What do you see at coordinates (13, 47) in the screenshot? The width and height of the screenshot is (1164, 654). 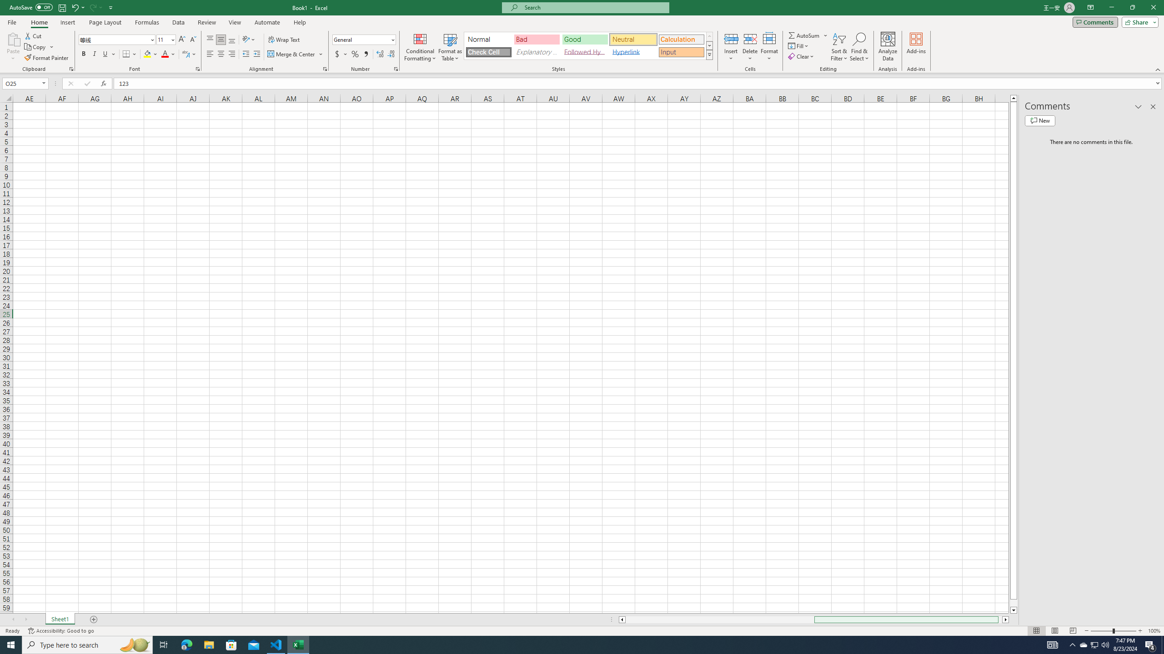 I see `'Paste'` at bounding box center [13, 47].